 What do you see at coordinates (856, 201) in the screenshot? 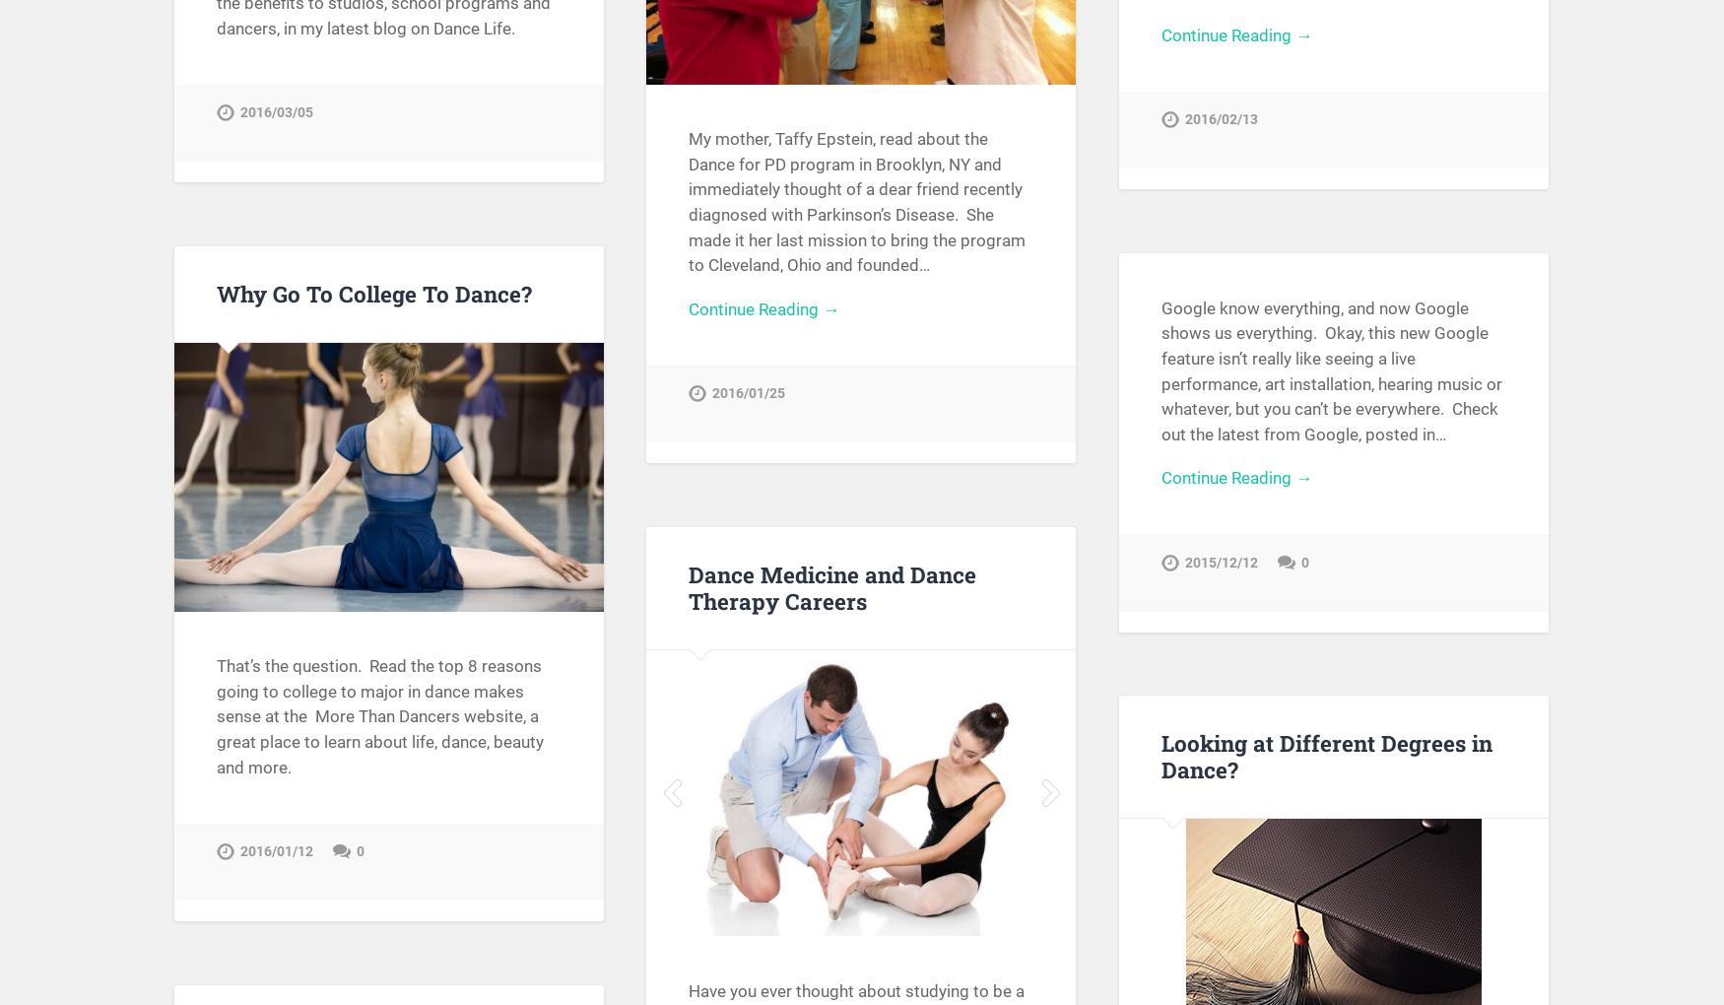
I see `'My mother, Taffy Epstein, read about the Dance for PD program in Brooklyn, NY and immediately thought of a dear friend recently diagnosed with Parkinson’s Disease.  She made it her last mission to bring the program to Cleveland, Ohio and founded…'` at bounding box center [856, 201].